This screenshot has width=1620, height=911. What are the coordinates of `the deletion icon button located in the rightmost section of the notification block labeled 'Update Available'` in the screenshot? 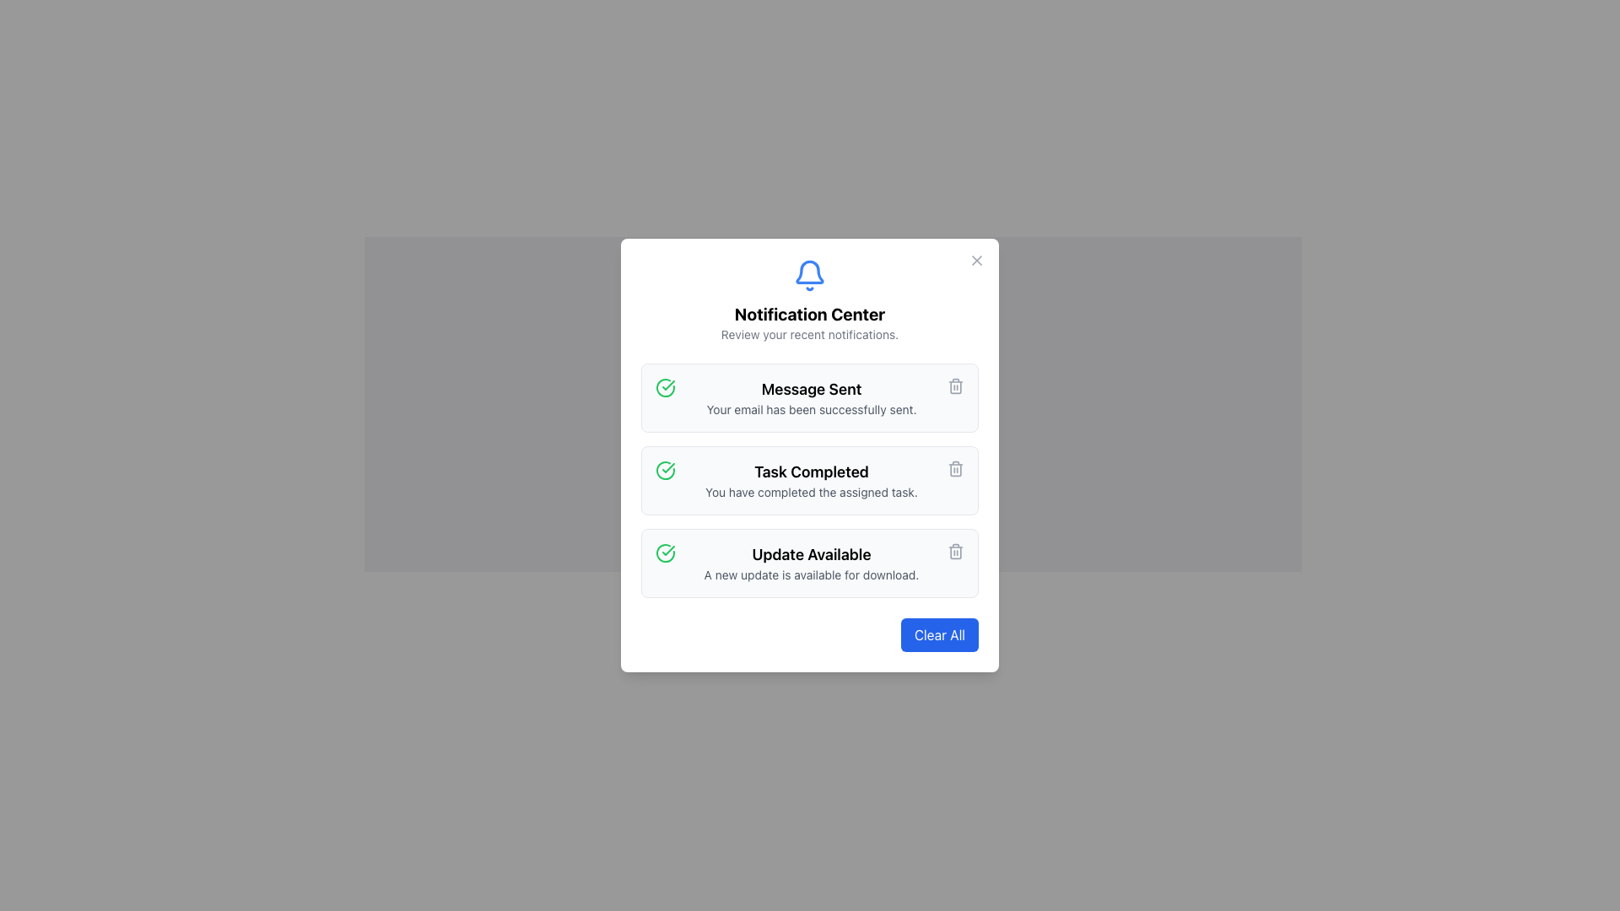 It's located at (955, 552).